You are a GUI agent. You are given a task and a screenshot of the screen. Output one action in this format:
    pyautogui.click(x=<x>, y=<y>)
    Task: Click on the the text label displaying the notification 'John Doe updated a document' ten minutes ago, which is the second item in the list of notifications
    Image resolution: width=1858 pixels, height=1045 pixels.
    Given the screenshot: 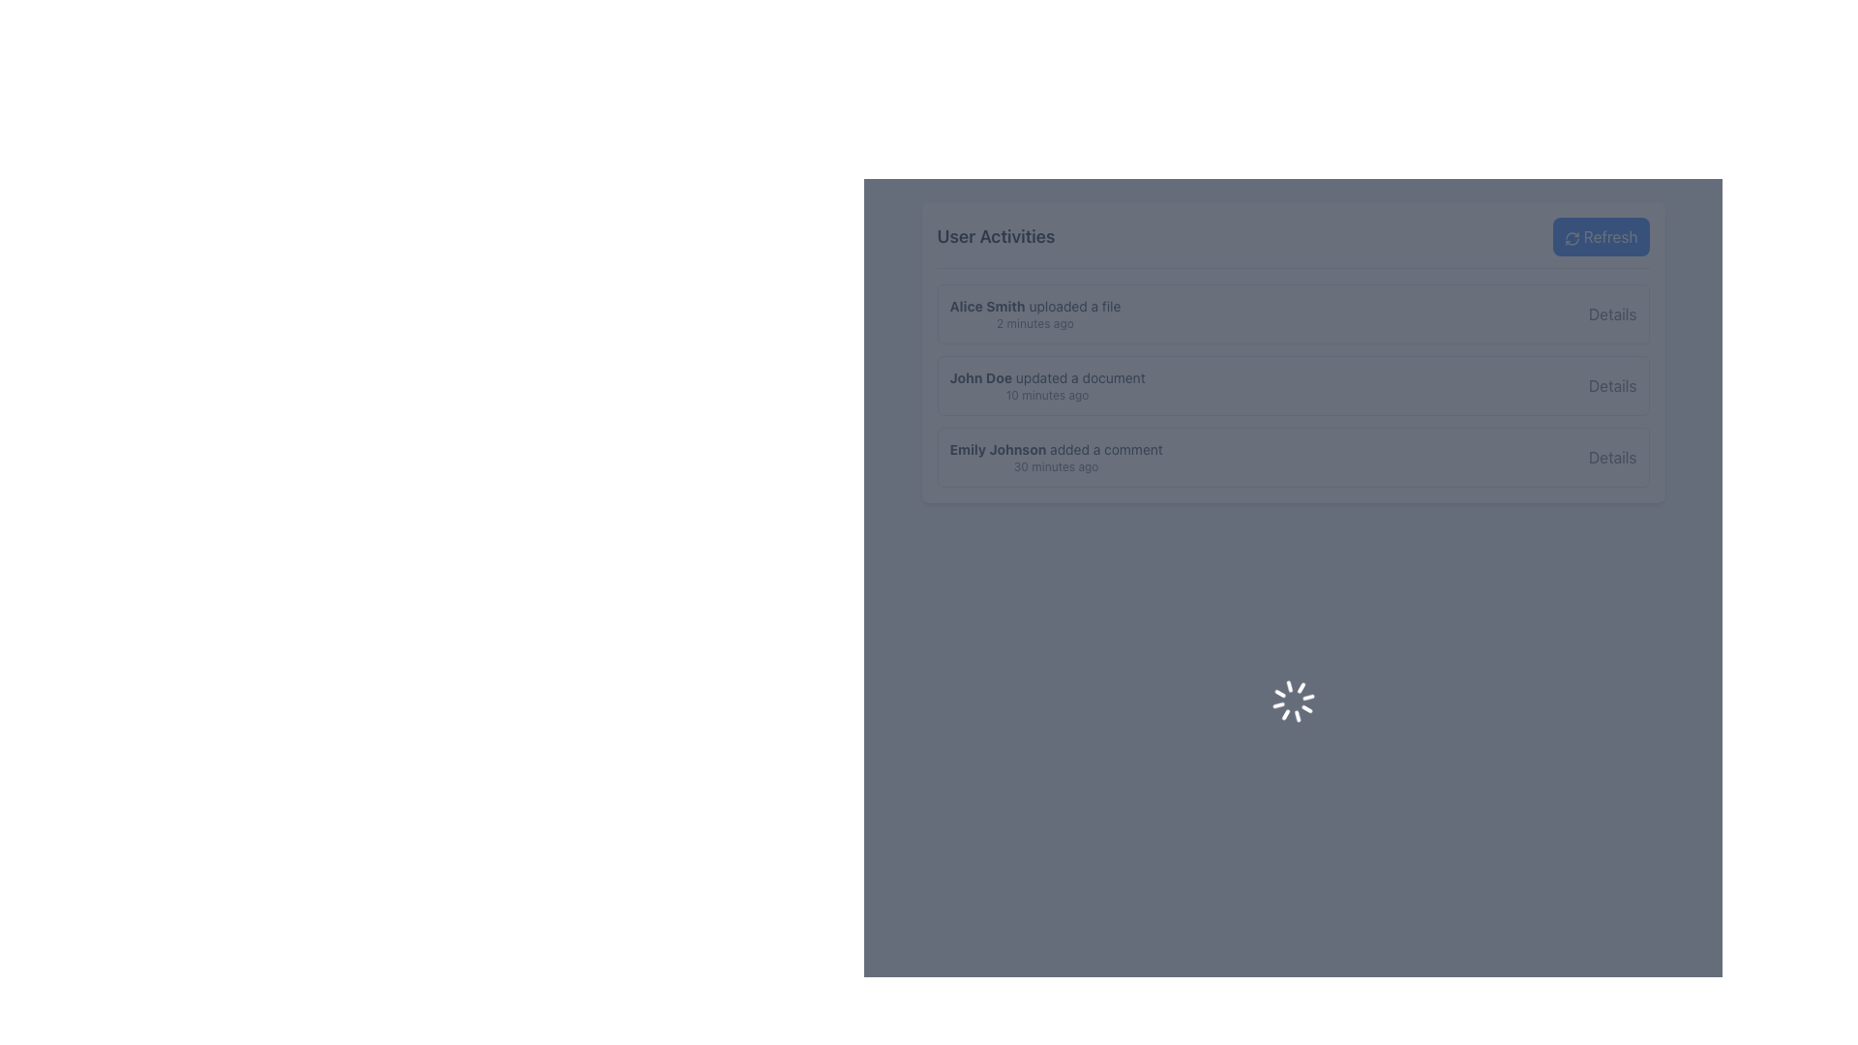 What is the action you would take?
    pyautogui.click(x=1046, y=385)
    